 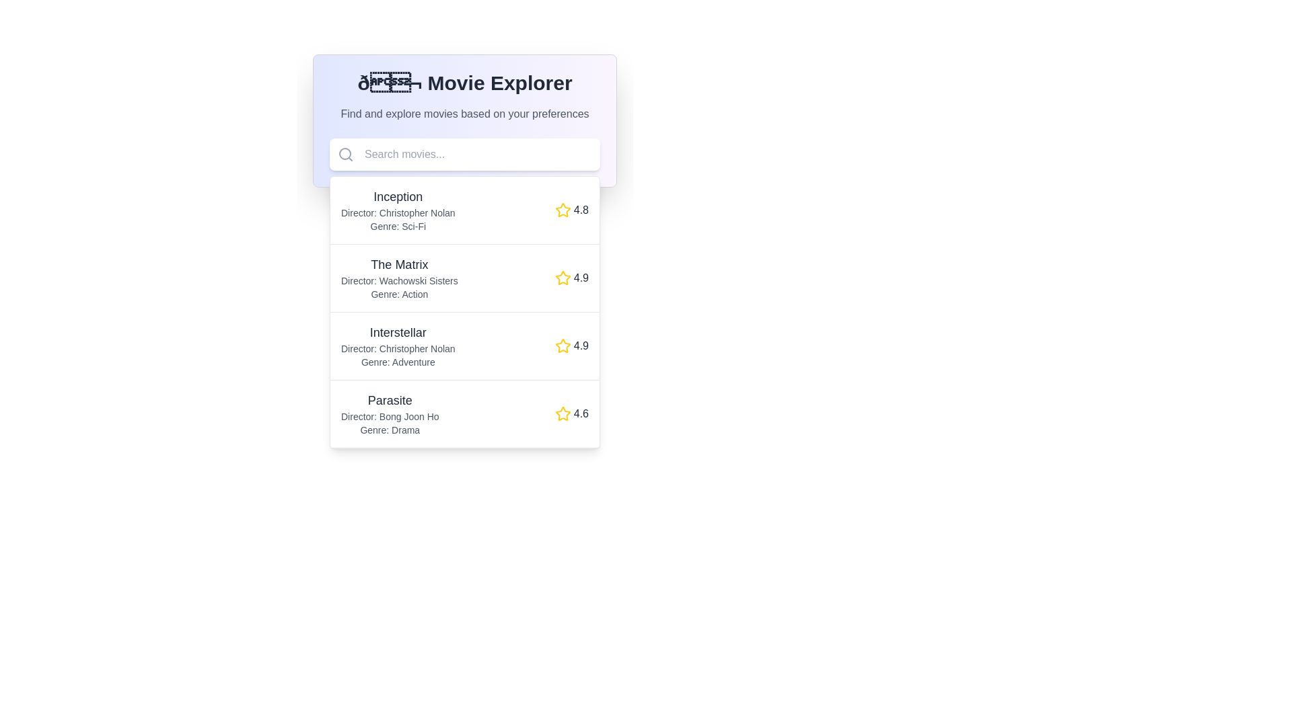 What do you see at coordinates (389, 430) in the screenshot?
I see `the static text label displaying 'Genre: Drama', which is styled in light gray and positioned below the 'Director: Bong Joon Ho' text within the entry for 'Parasite'` at bounding box center [389, 430].